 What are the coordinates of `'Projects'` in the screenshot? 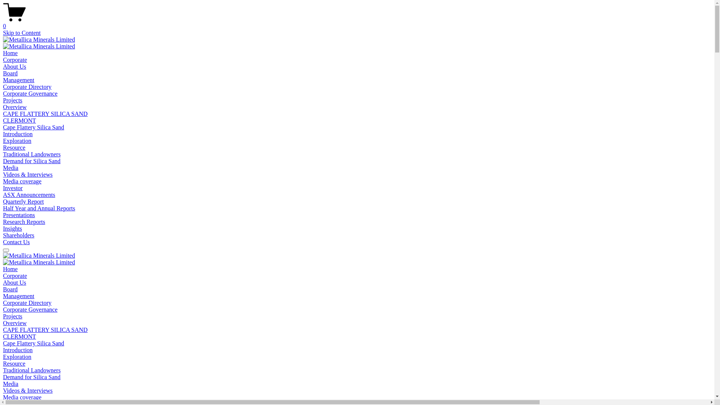 It's located at (12, 100).